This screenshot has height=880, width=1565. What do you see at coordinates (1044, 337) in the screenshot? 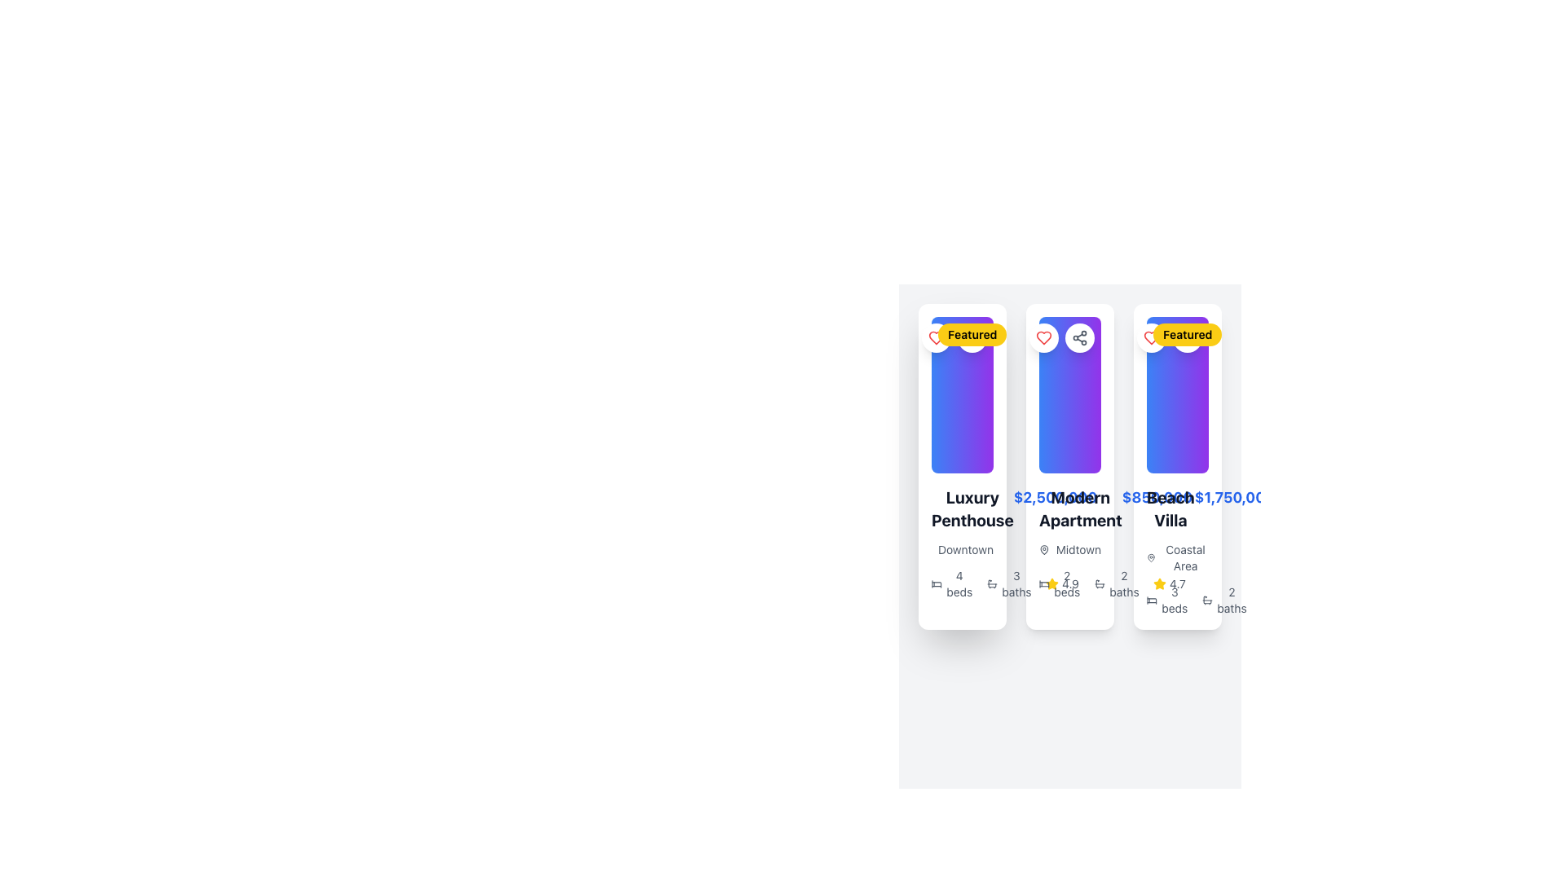
I see `the small red heart icon located centrally within the circular button in the upper-right section of the card labeled 'Beach Villa'` at bounding box center [1044, 337].